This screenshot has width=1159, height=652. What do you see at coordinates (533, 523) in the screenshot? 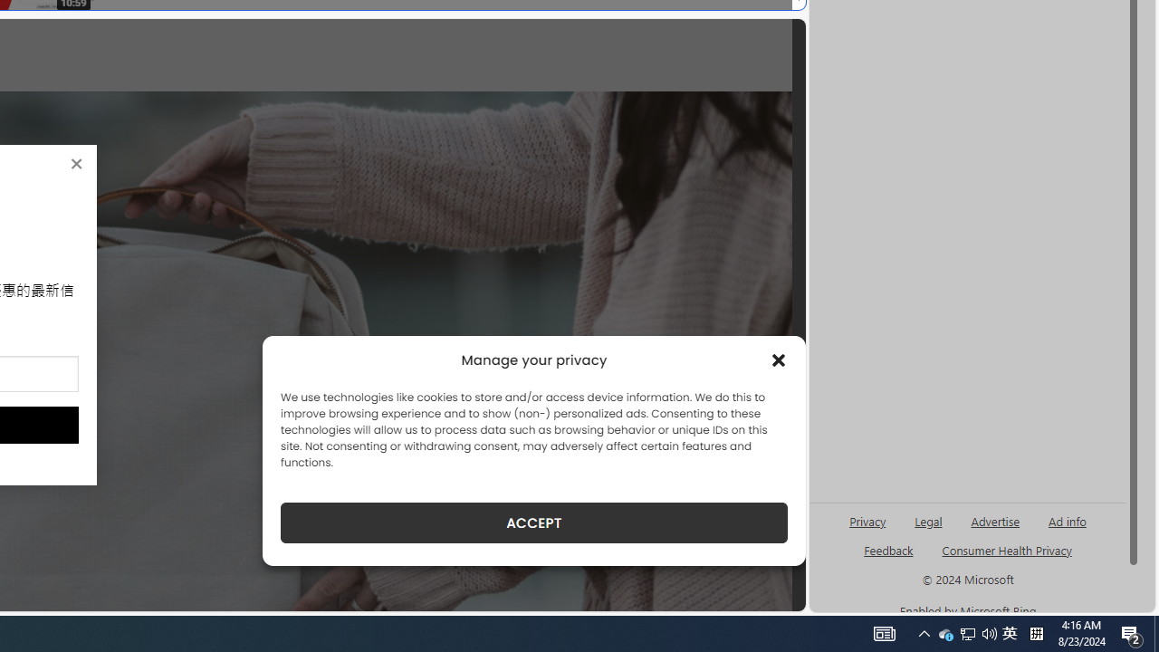
I see `'ACCEPT'` at bounding box center [533, 523].